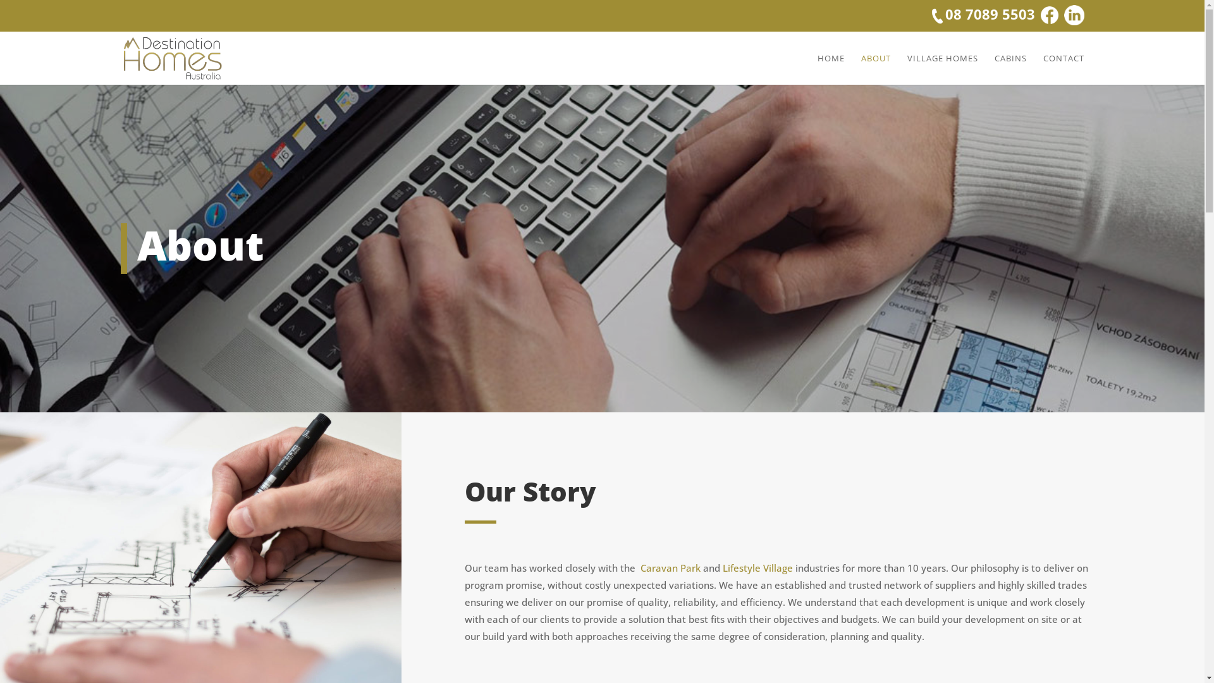 The image size is (1214, 683). Describe the element at coordinates (875, 69) in the screenshot. I see `'ABOUT'` at that location.